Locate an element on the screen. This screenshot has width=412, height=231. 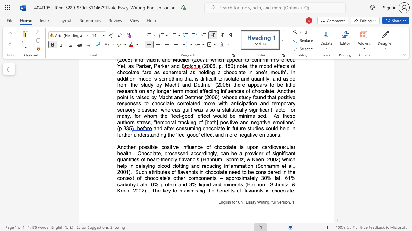
the subset text "e benefits of flavan" within the text "The key to maximising the benefits of flavanols in chocolate" is located at coordinates (211, 190).